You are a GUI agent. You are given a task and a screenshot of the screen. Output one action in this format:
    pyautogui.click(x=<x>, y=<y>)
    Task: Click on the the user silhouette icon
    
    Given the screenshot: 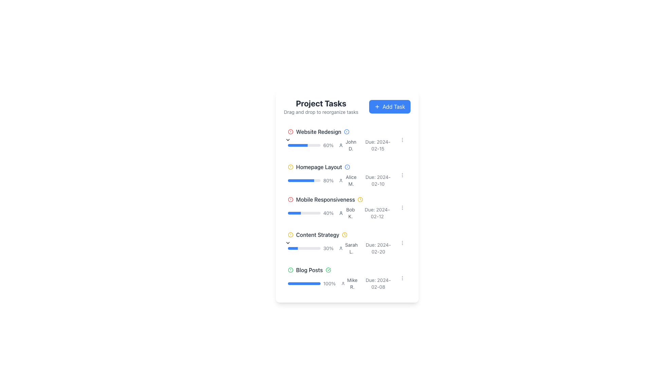 What is the action you would take?
    pyautogui.click(x=341, y=145)
    